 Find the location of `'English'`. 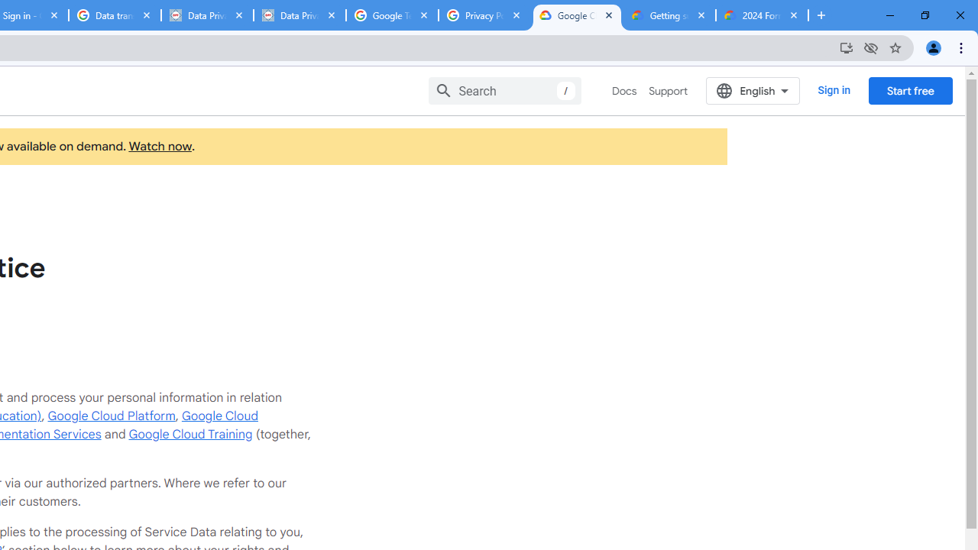

'English' is located at coordinates (753, 90).